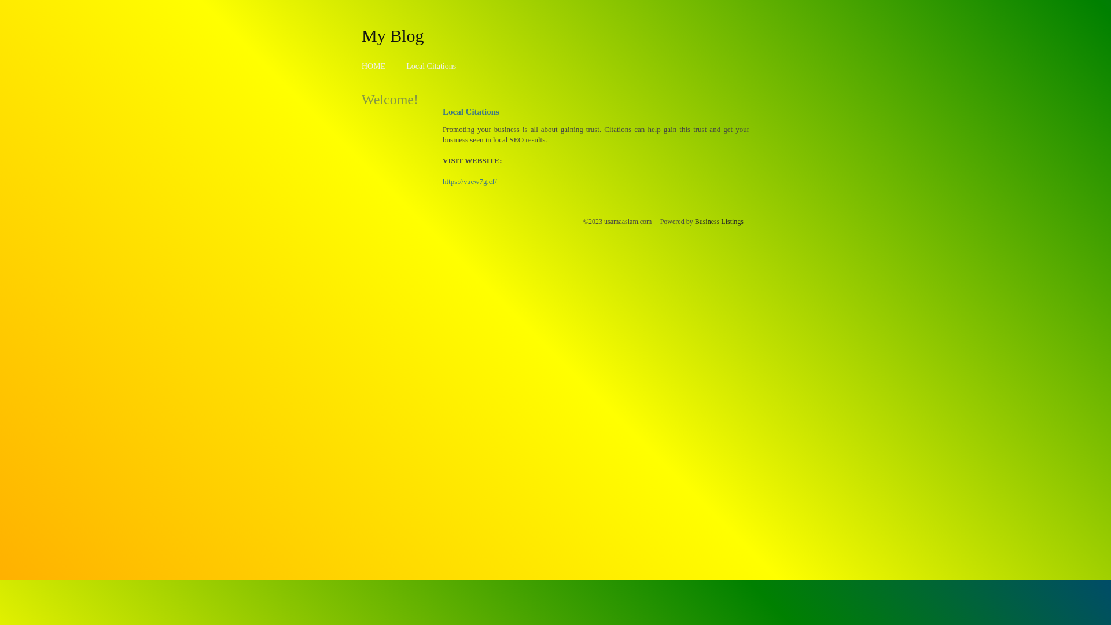 This screenshot has width=1111, height=625. Describe the element at coordinates (430, 66) in the screenshot. I see `'Local Citations'` at that location.